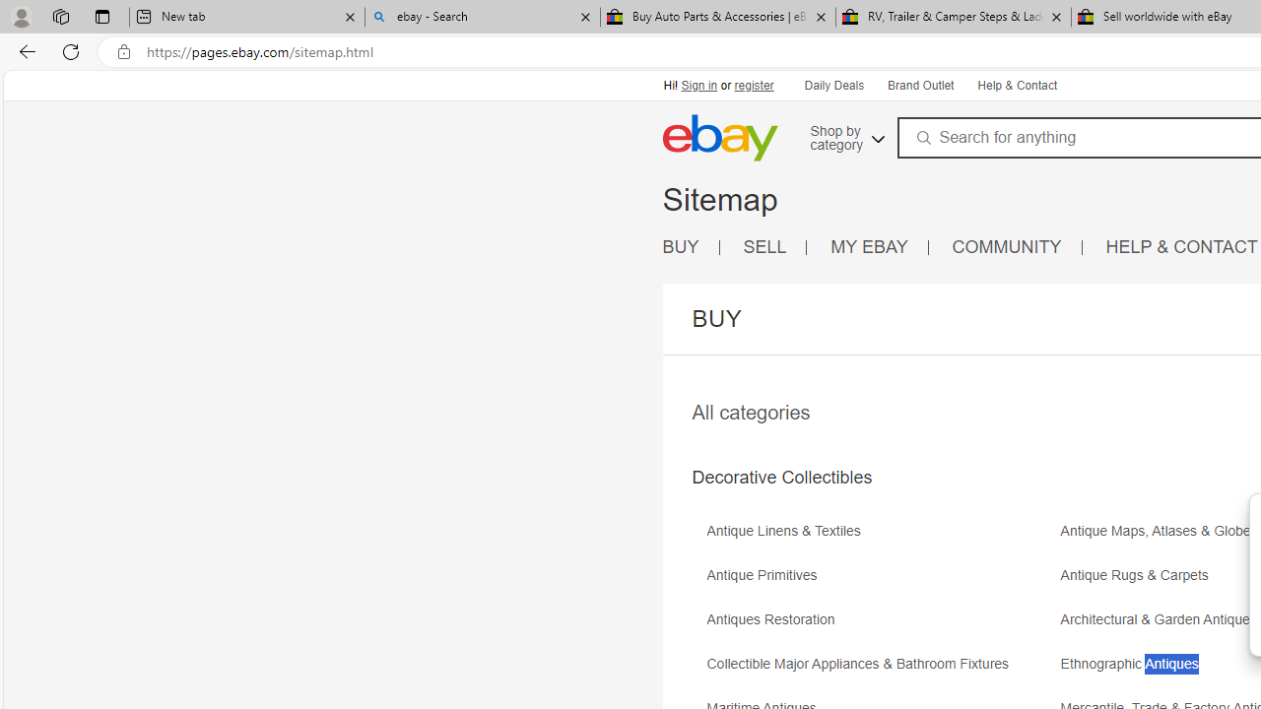 This screenshot has width=1261, height=709. I want to click on 'MY EBAY', so click(868, 245).